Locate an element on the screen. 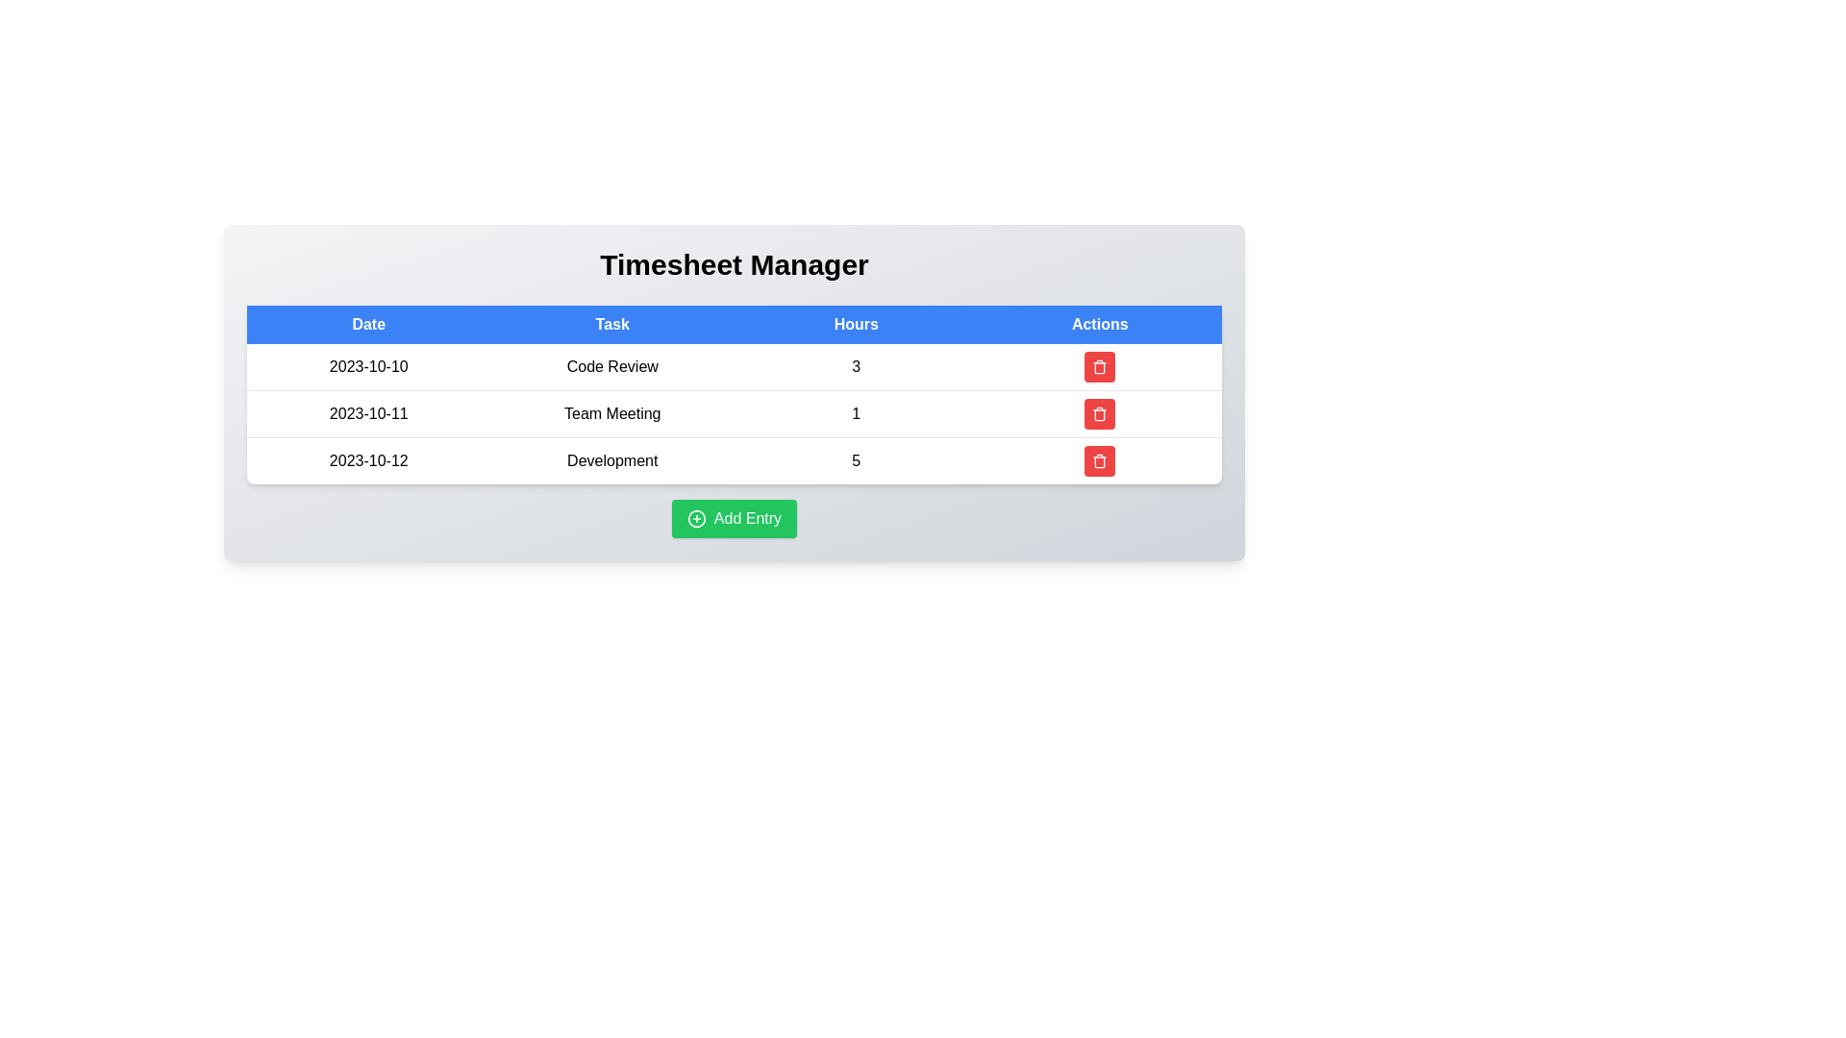 The image size is (1846, 1038). the third trash can icon in the 'Actions' column is located at coordinates (1100, 460).